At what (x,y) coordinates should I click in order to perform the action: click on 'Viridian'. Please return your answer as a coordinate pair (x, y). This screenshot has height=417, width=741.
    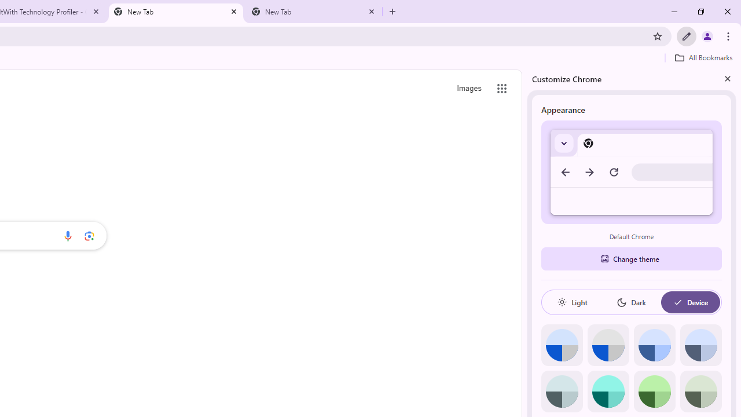
    Looking at the image, I should click on (700, 391).